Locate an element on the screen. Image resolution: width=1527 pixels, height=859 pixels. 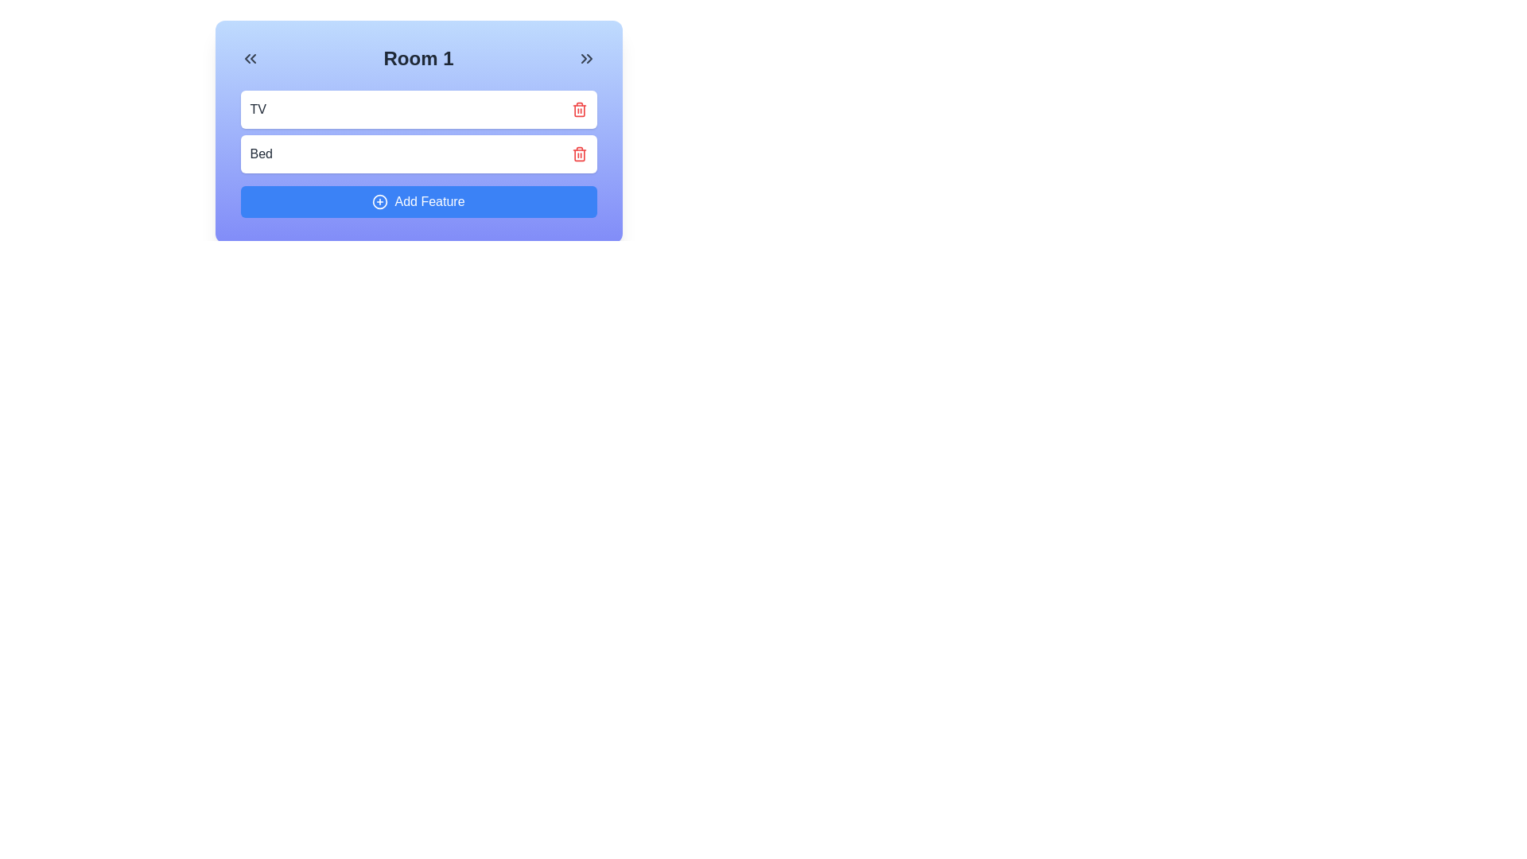
the red-colored trash icon button located to the right of the text 'Bed' is located at coordinates (578, 154).